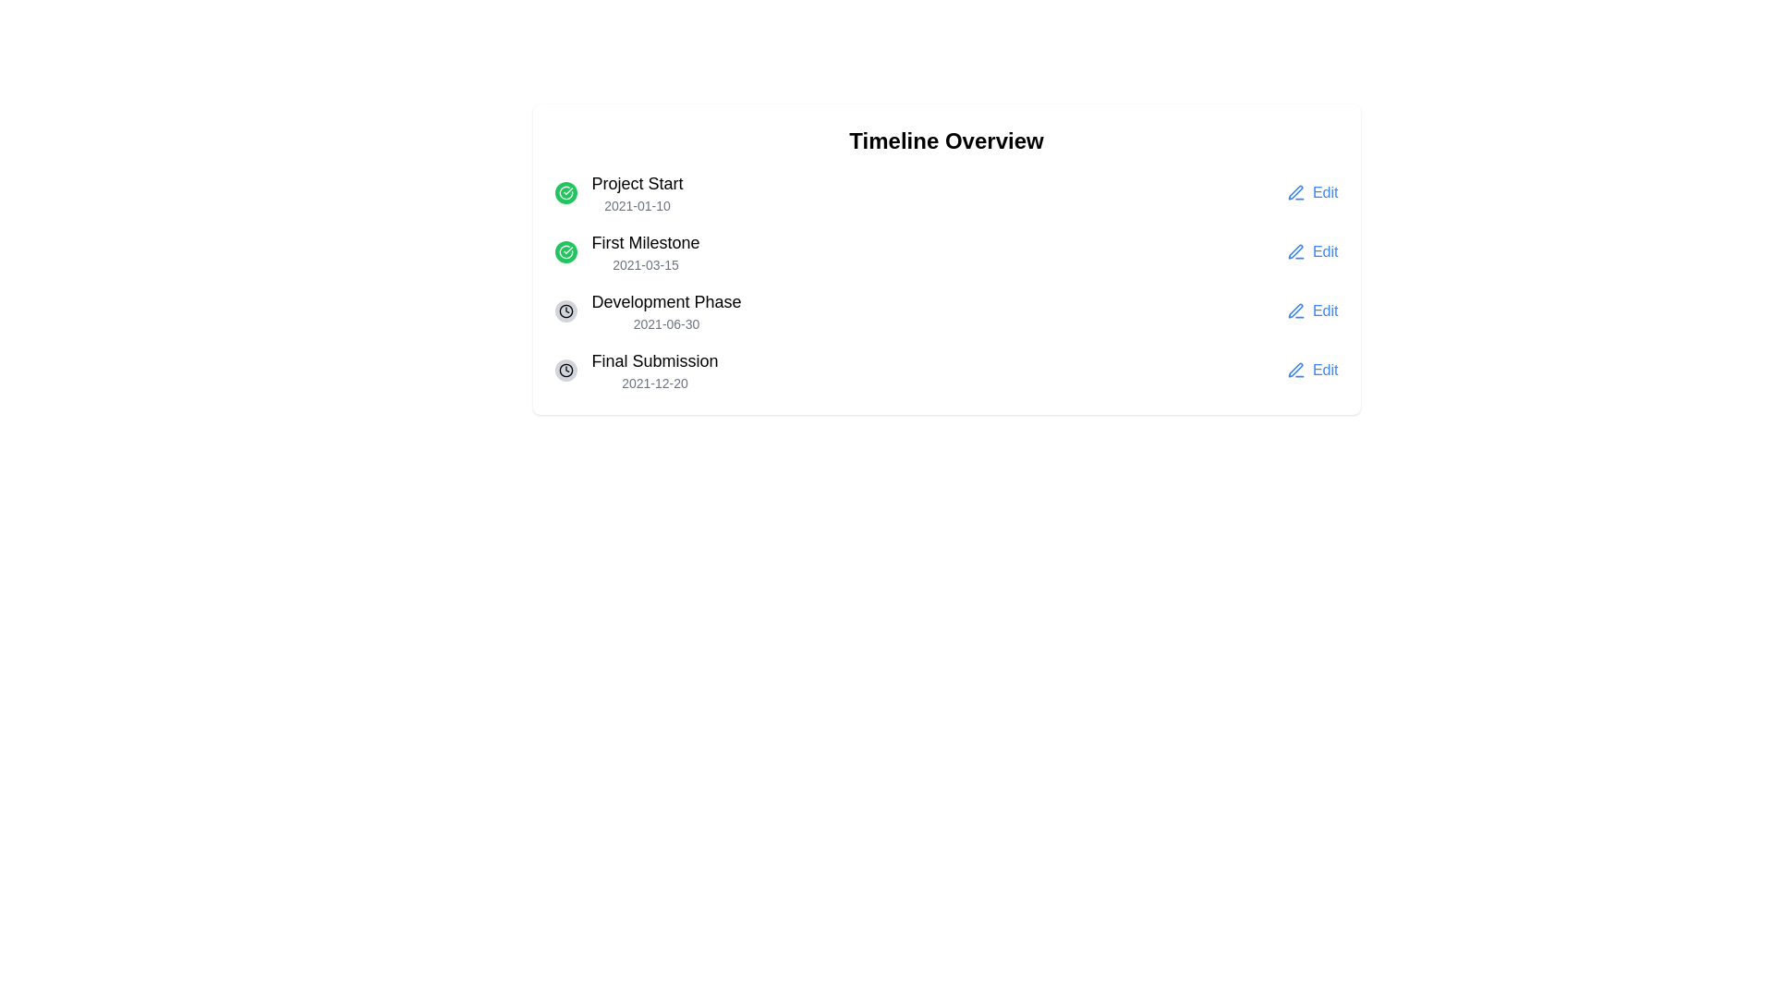  Describe the element at coordinates (565, 192) in the screenshot. I see `the 'First Milestone' achievement icon, which is the second icon in the vertical sequence of timeline steps, located adjacent to the 'First Milestone' text and above the 'Development Phase' timeline step` at that location.